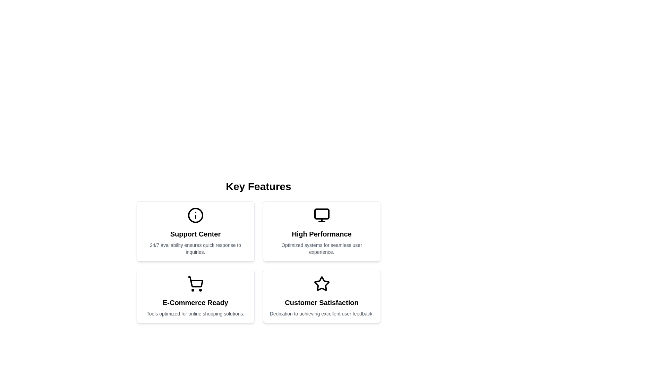 This screenshot has height=374, width=666. Describe the element at coordinates (195, 215) in the screenshot. I see `the SVG circle element that represents the information symbol, which is part of a group contributing to help-related content, located above the 'Support Center' text` at that location.